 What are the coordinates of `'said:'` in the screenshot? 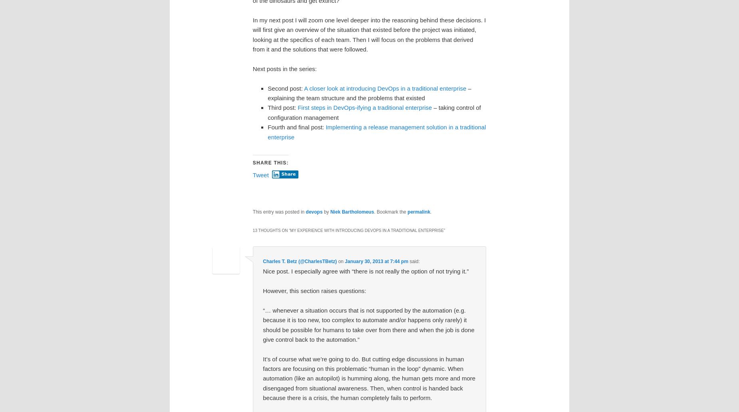 It's located at (414, 260).